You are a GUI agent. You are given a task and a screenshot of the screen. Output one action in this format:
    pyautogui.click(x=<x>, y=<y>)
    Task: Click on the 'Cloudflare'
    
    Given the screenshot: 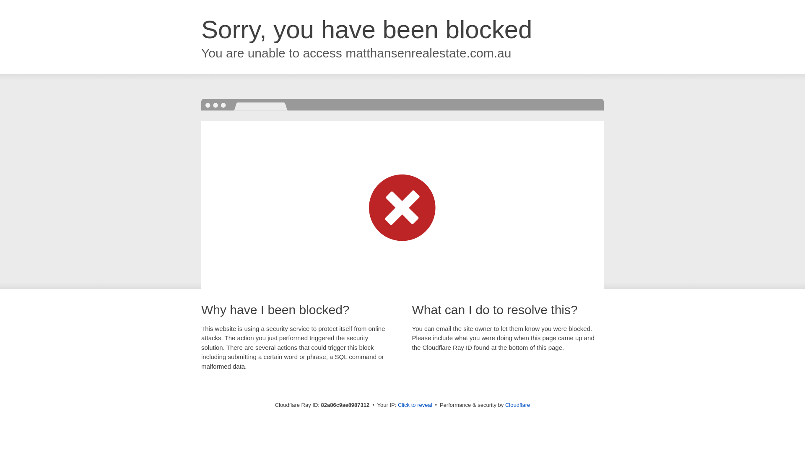 What is the action you would take?
    pyautogui.click(x=517, y=404)
    